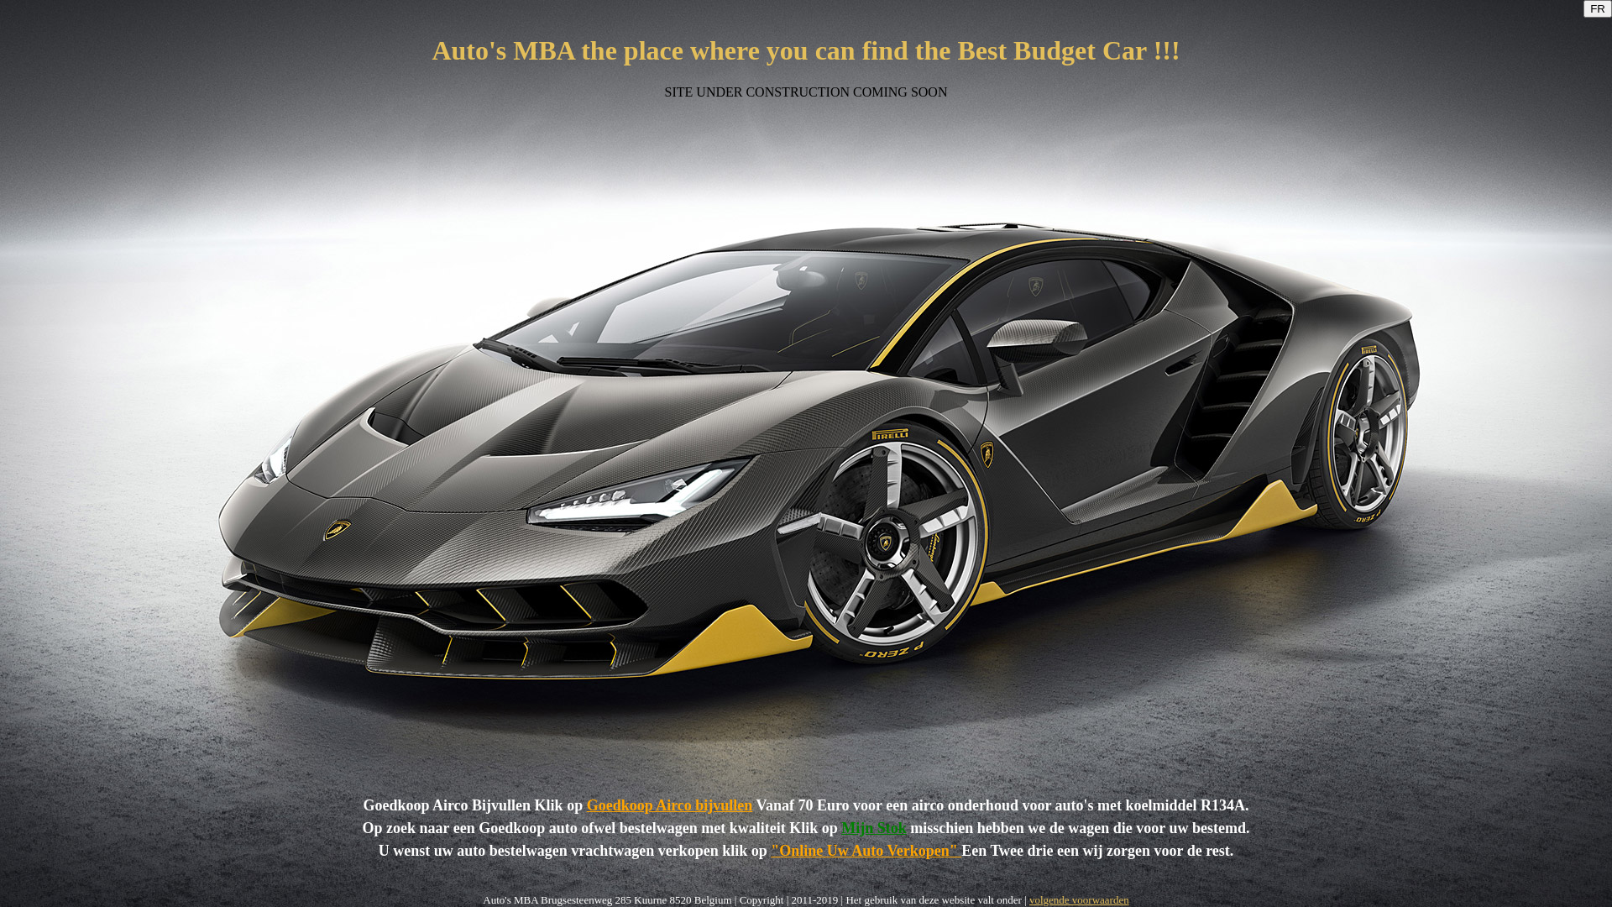  What do you see at coordinates (769, 851) in the screenshot?
I see `'"Online Uw Auto Verkopen"'` at bounding box center [769, 851].